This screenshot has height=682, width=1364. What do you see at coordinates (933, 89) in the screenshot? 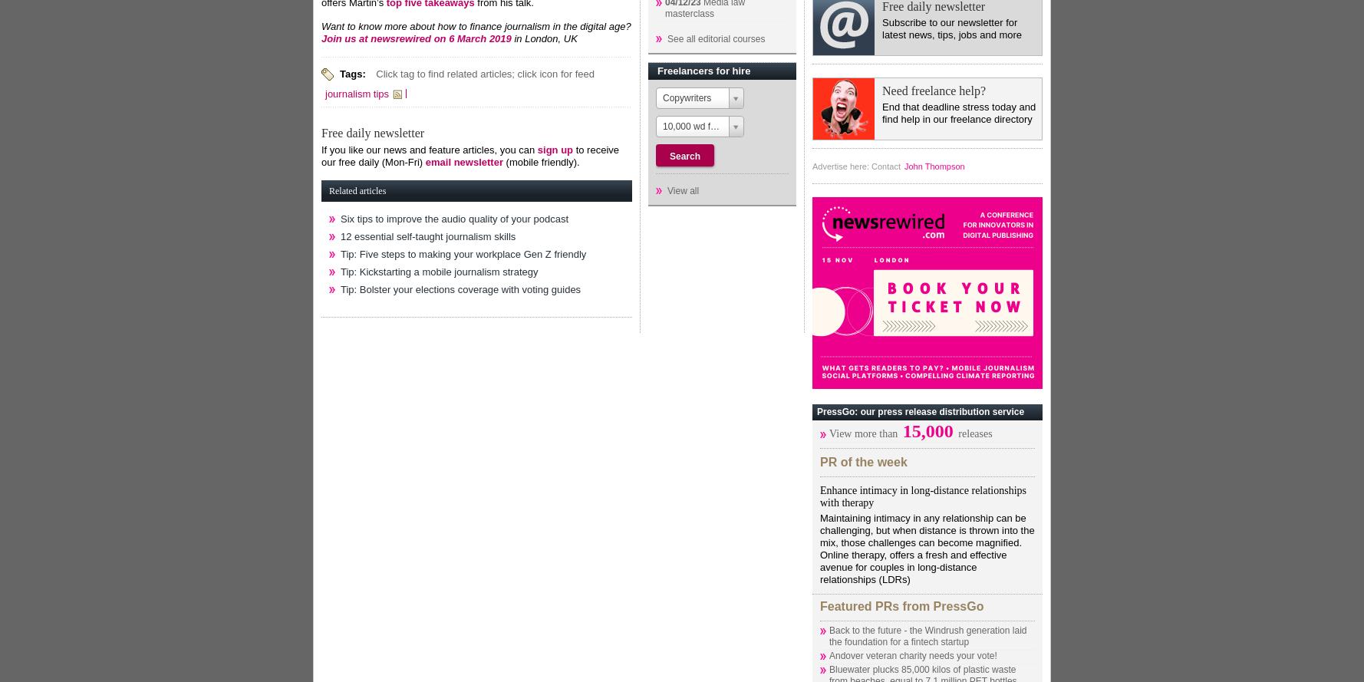
I see `'Need freelance help?'` at bounding box center [933, 89].